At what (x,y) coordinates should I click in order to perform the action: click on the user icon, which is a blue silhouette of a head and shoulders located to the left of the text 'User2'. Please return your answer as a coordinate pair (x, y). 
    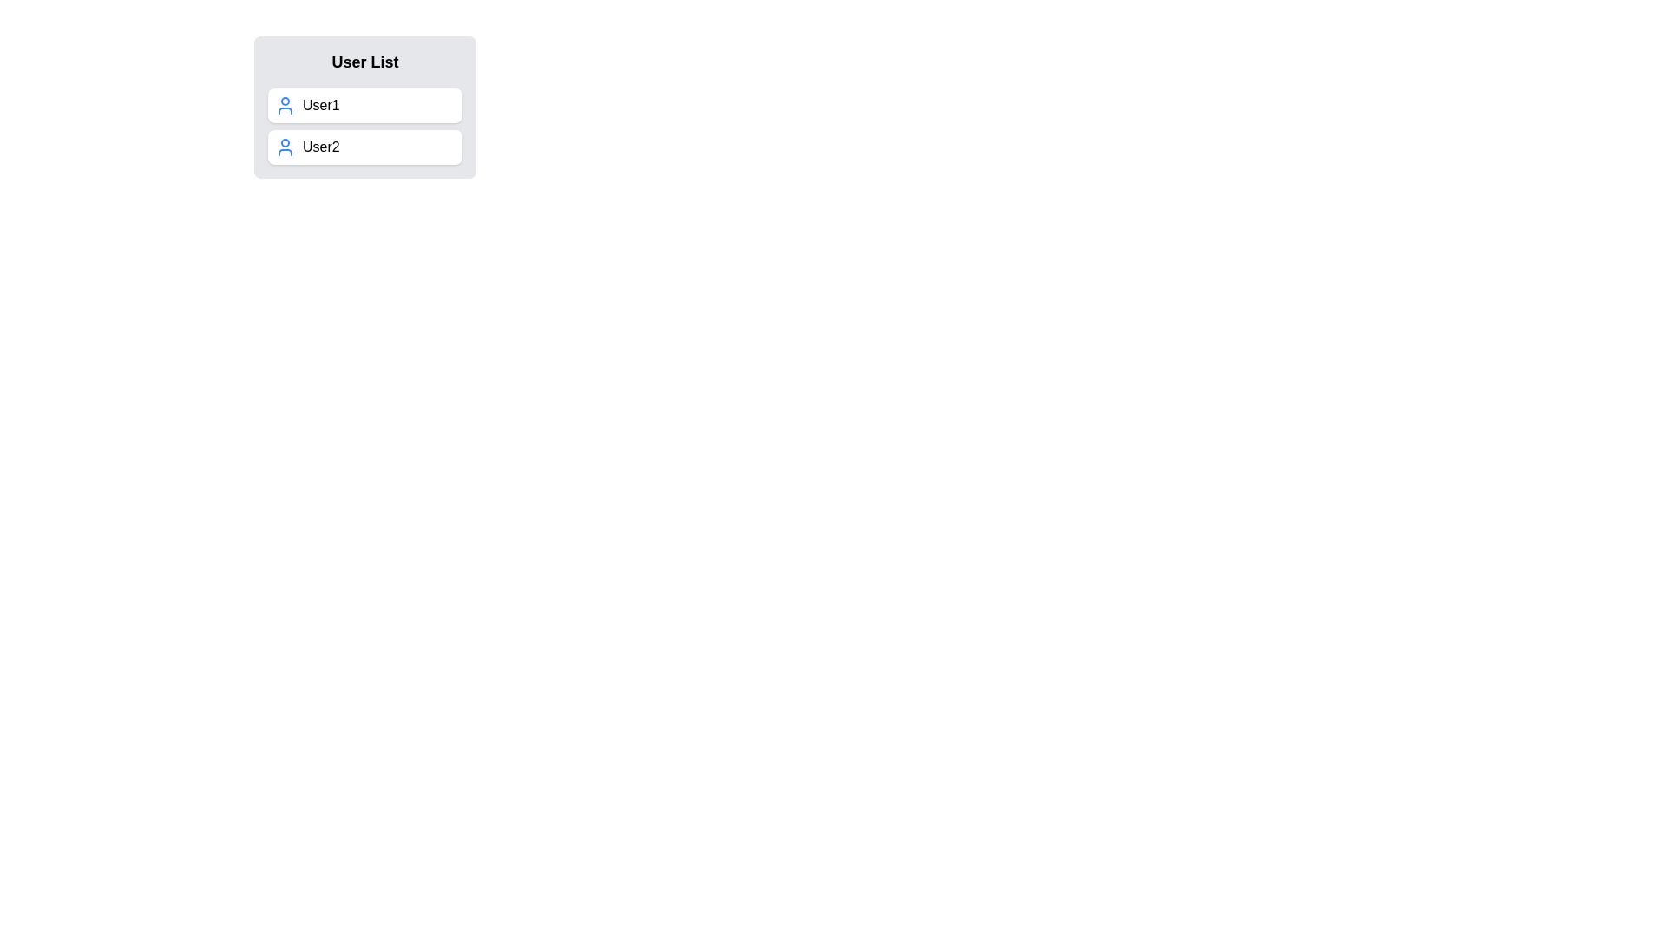
    Looking at the image, I should click on (285, 146).